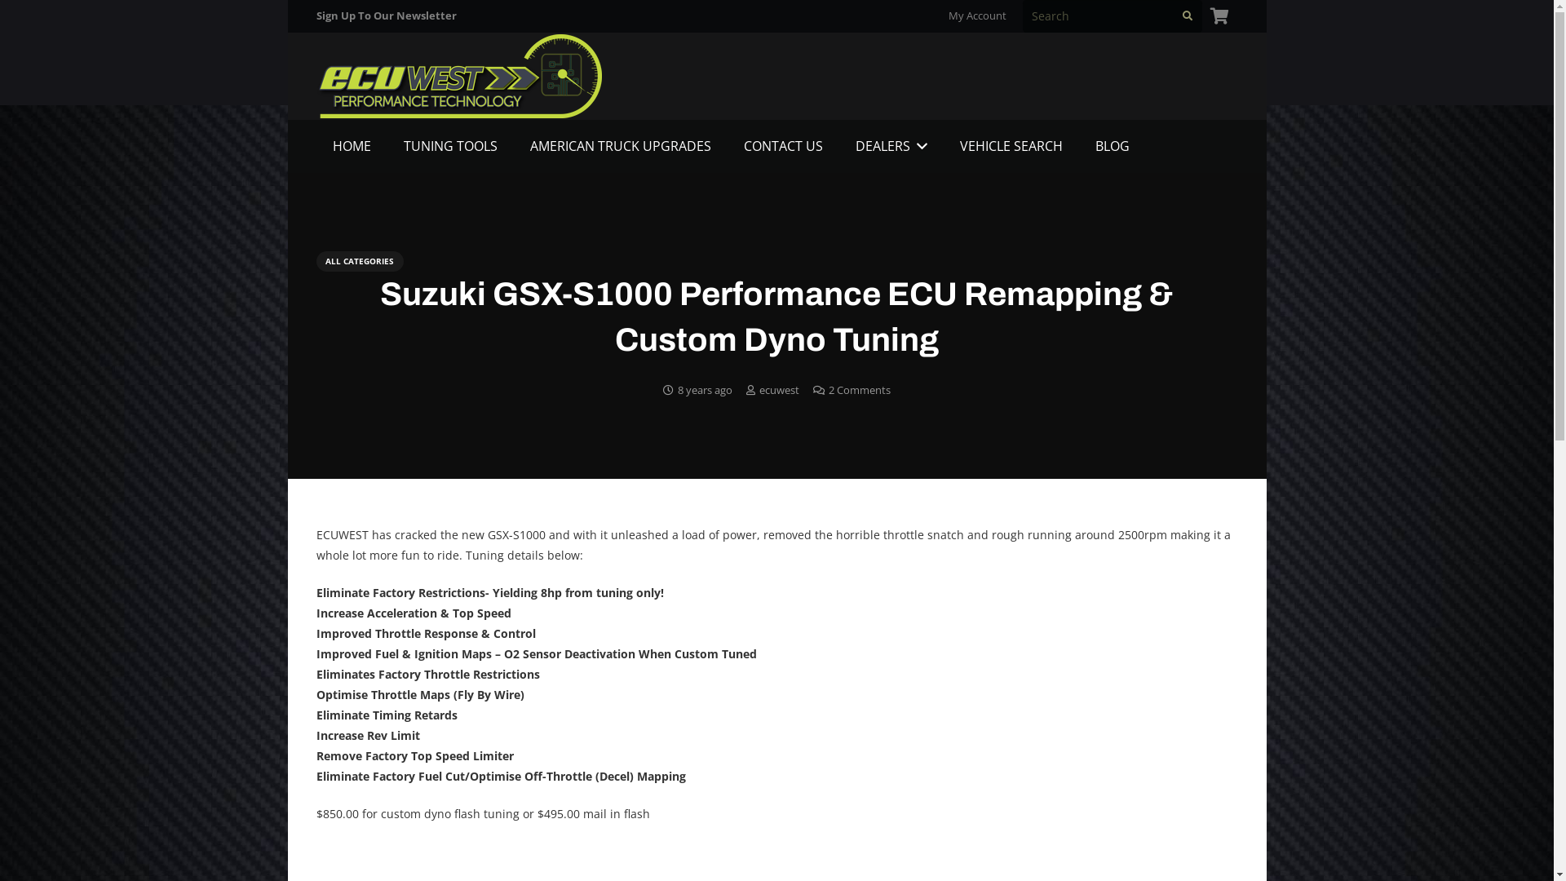  I want to click on 'AMERICAN TRUCK UPGRADES', so click(620, 145).